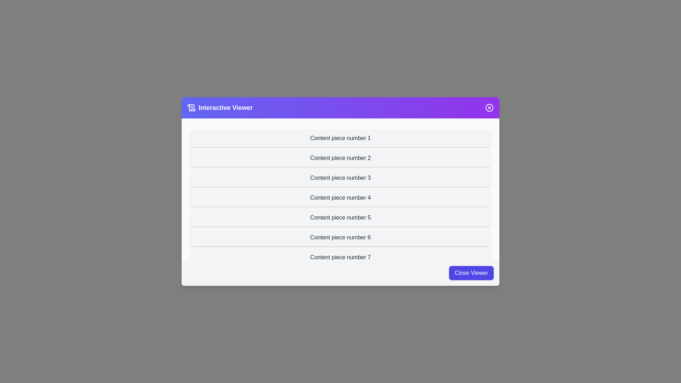 The image size is (681, 383). I want to click on the content item labeled 'Content piece number 6' to observe its hover effect, so click(340, 238).